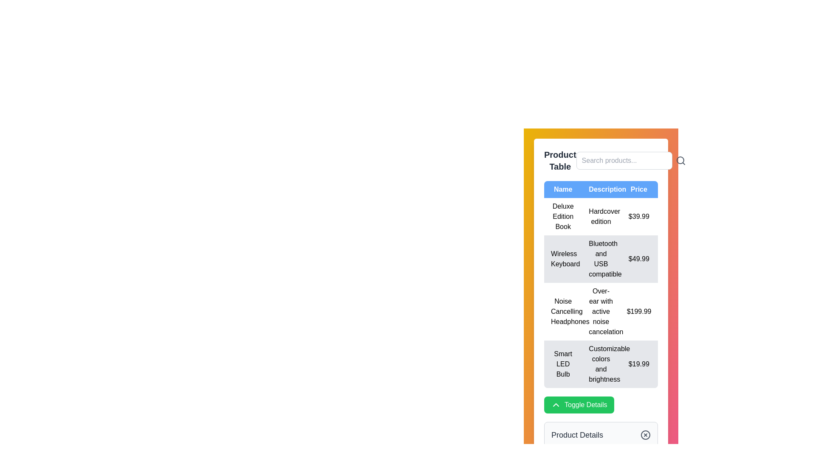 This screenshot has width=815, height=458. I want to click on the button located at the far right side of the 'Product Details' section, so click(645, 435).